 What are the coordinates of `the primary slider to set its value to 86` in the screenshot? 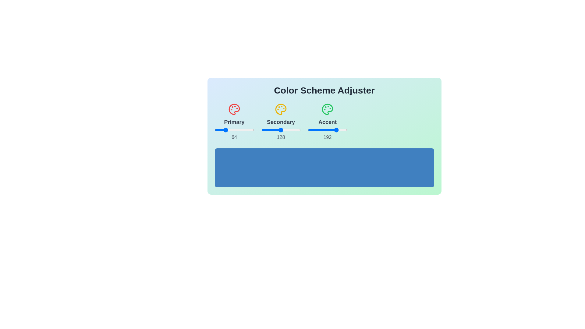 It's located at (228, 130).